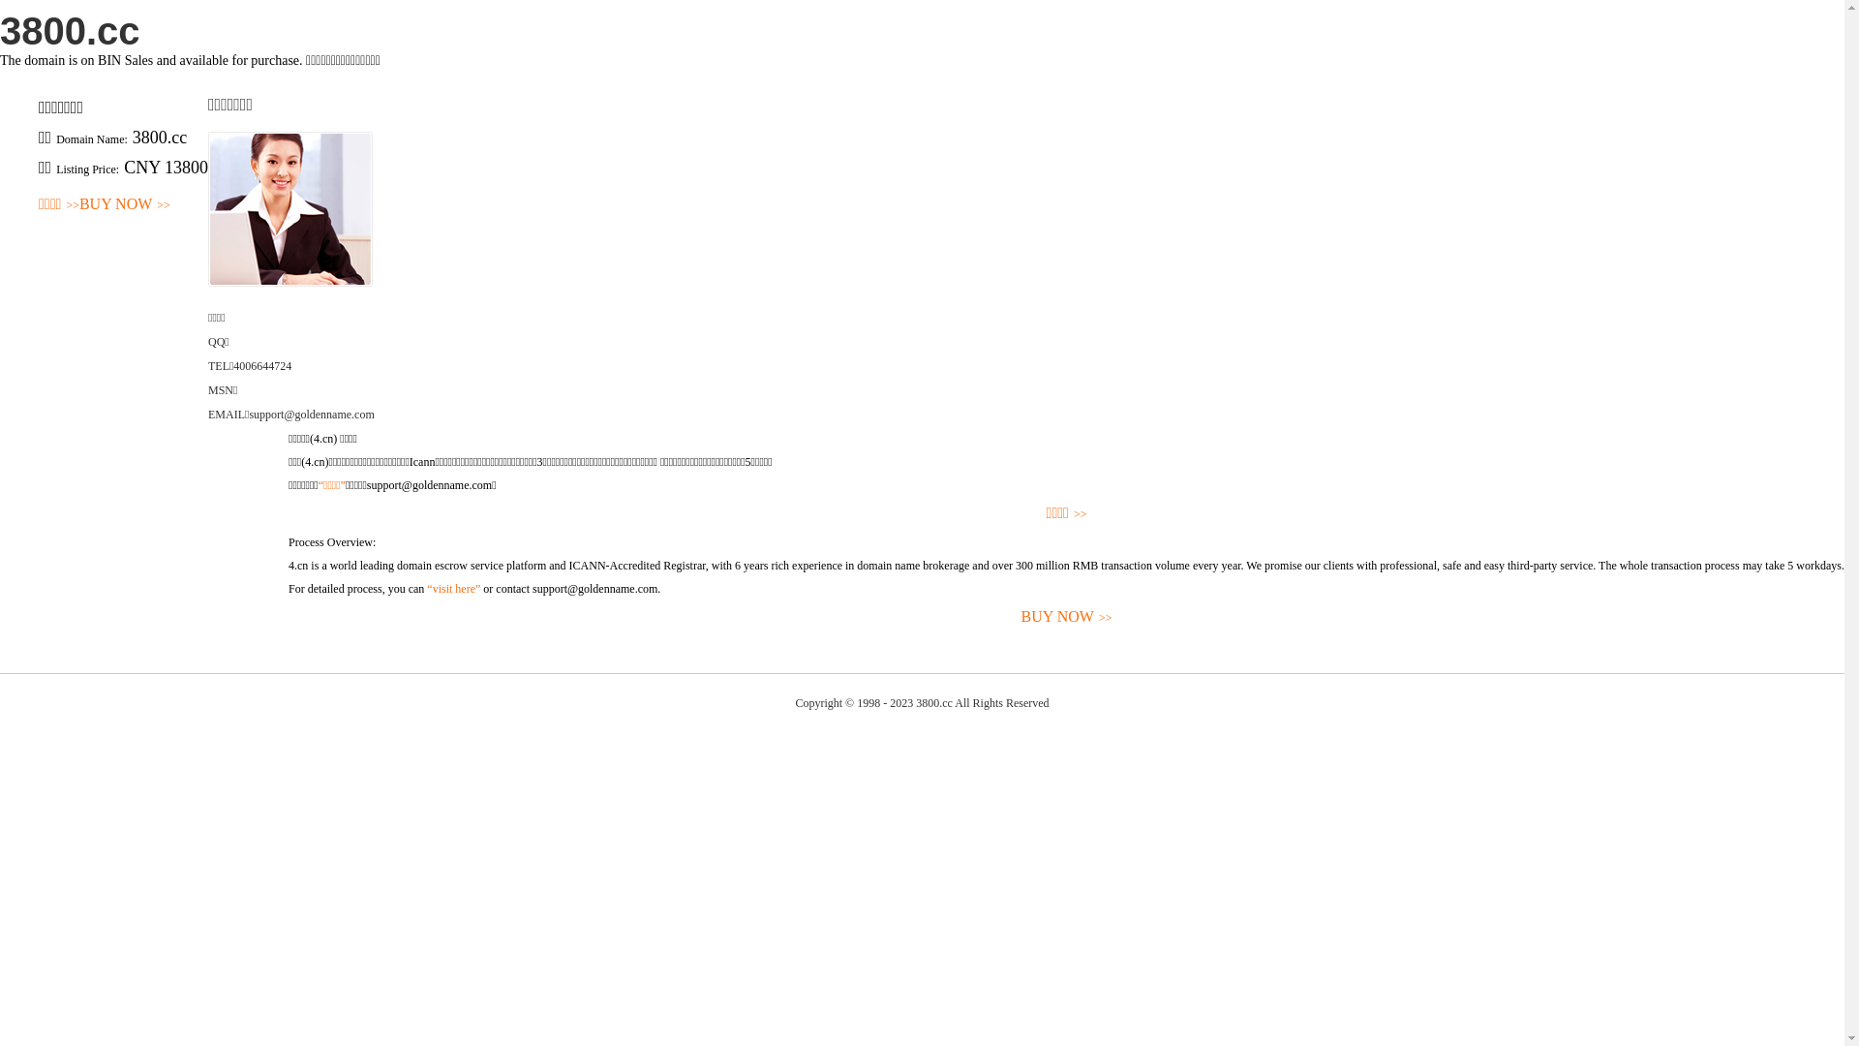 Image resolution: width=1859 pixels, height=1046 pixels. What do you see at coordinates (1065, 617) in the screenshot?
I see `'BUY NOW>>'` at bounding box center [1065, 617].